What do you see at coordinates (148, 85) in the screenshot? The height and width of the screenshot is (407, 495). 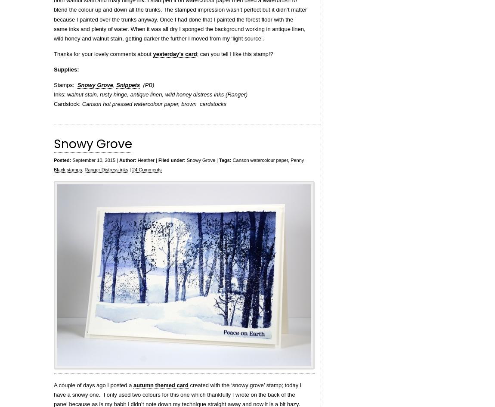 I see `'(PB)'` at bounding box center [148, 85].